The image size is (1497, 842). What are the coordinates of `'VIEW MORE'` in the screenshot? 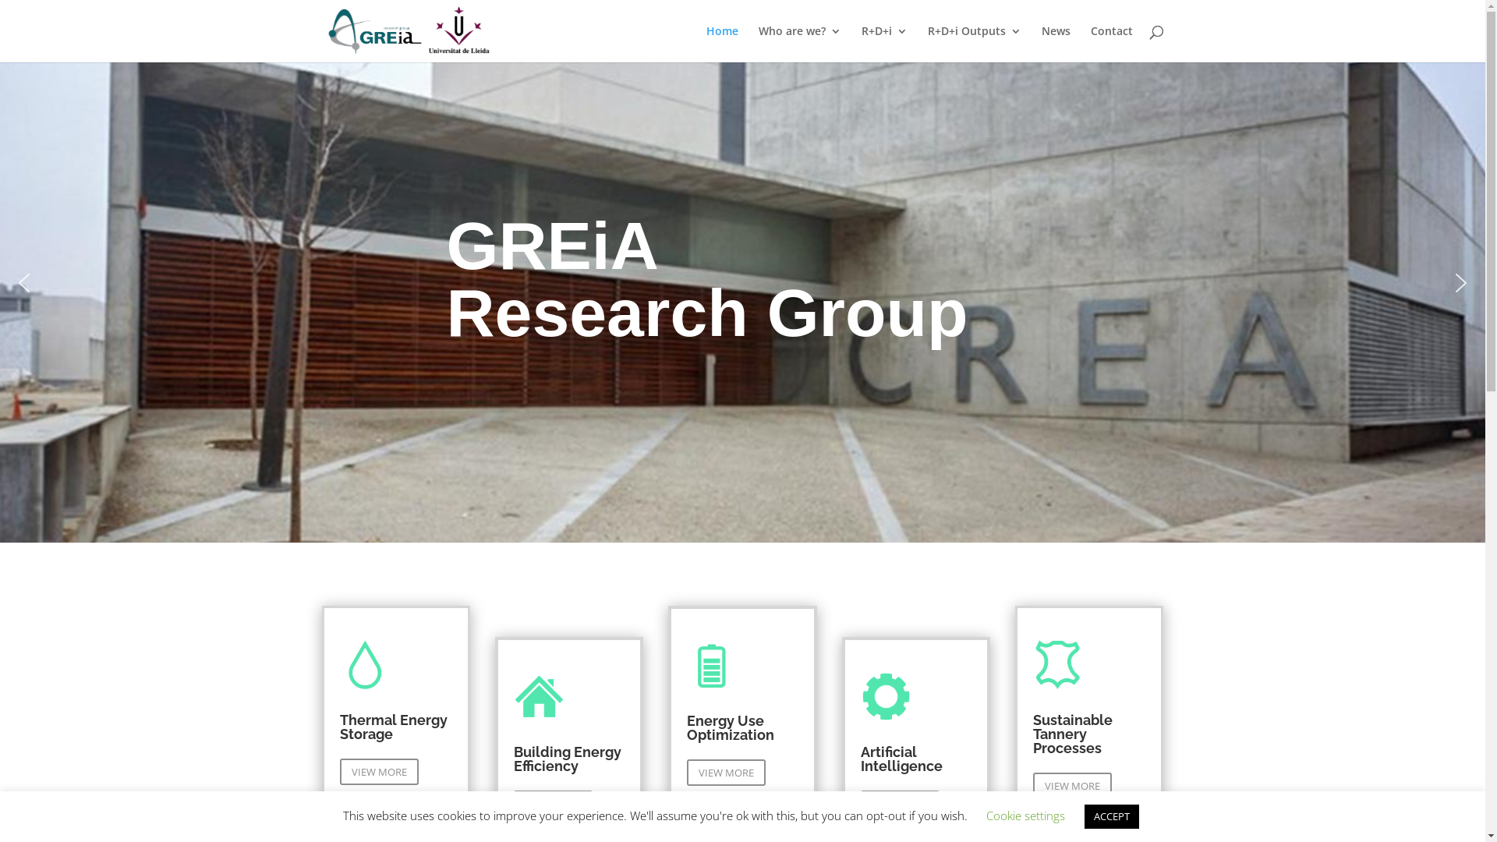 It's located at (513, 803).